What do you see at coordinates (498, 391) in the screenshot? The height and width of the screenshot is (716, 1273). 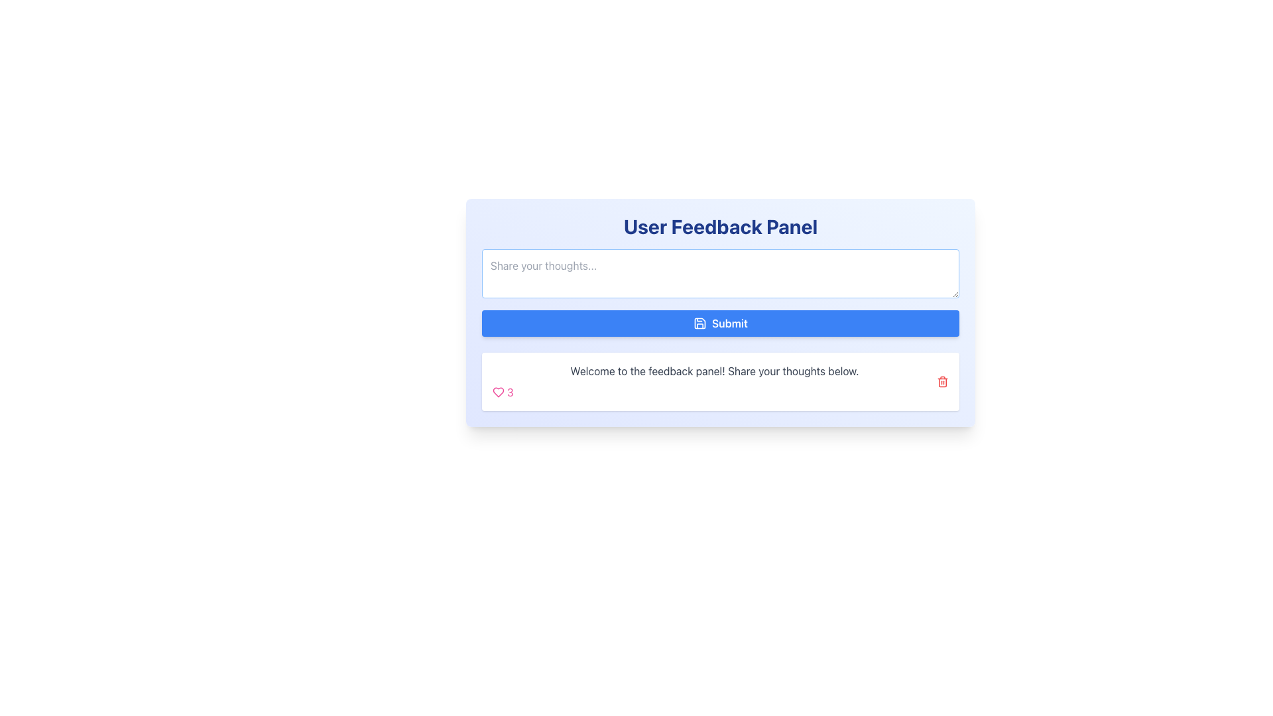 I see `the heart icon with a pink outline, which represents the 'like' or 'favorite' button, located to the left of the number '3' in the lower part of the interface below the 'Submit' button` at bounding box center [498, 391].